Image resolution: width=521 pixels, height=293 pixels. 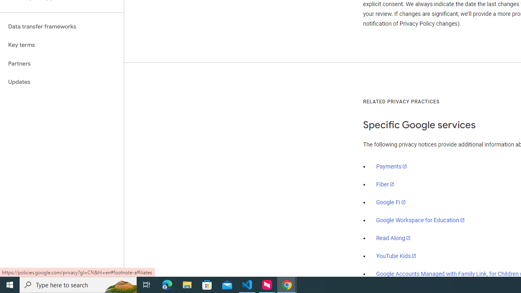 What do you see at coordinates (394, 238) in the screenshot?
I see `'Read Along'` at bounding box center [394, 238].